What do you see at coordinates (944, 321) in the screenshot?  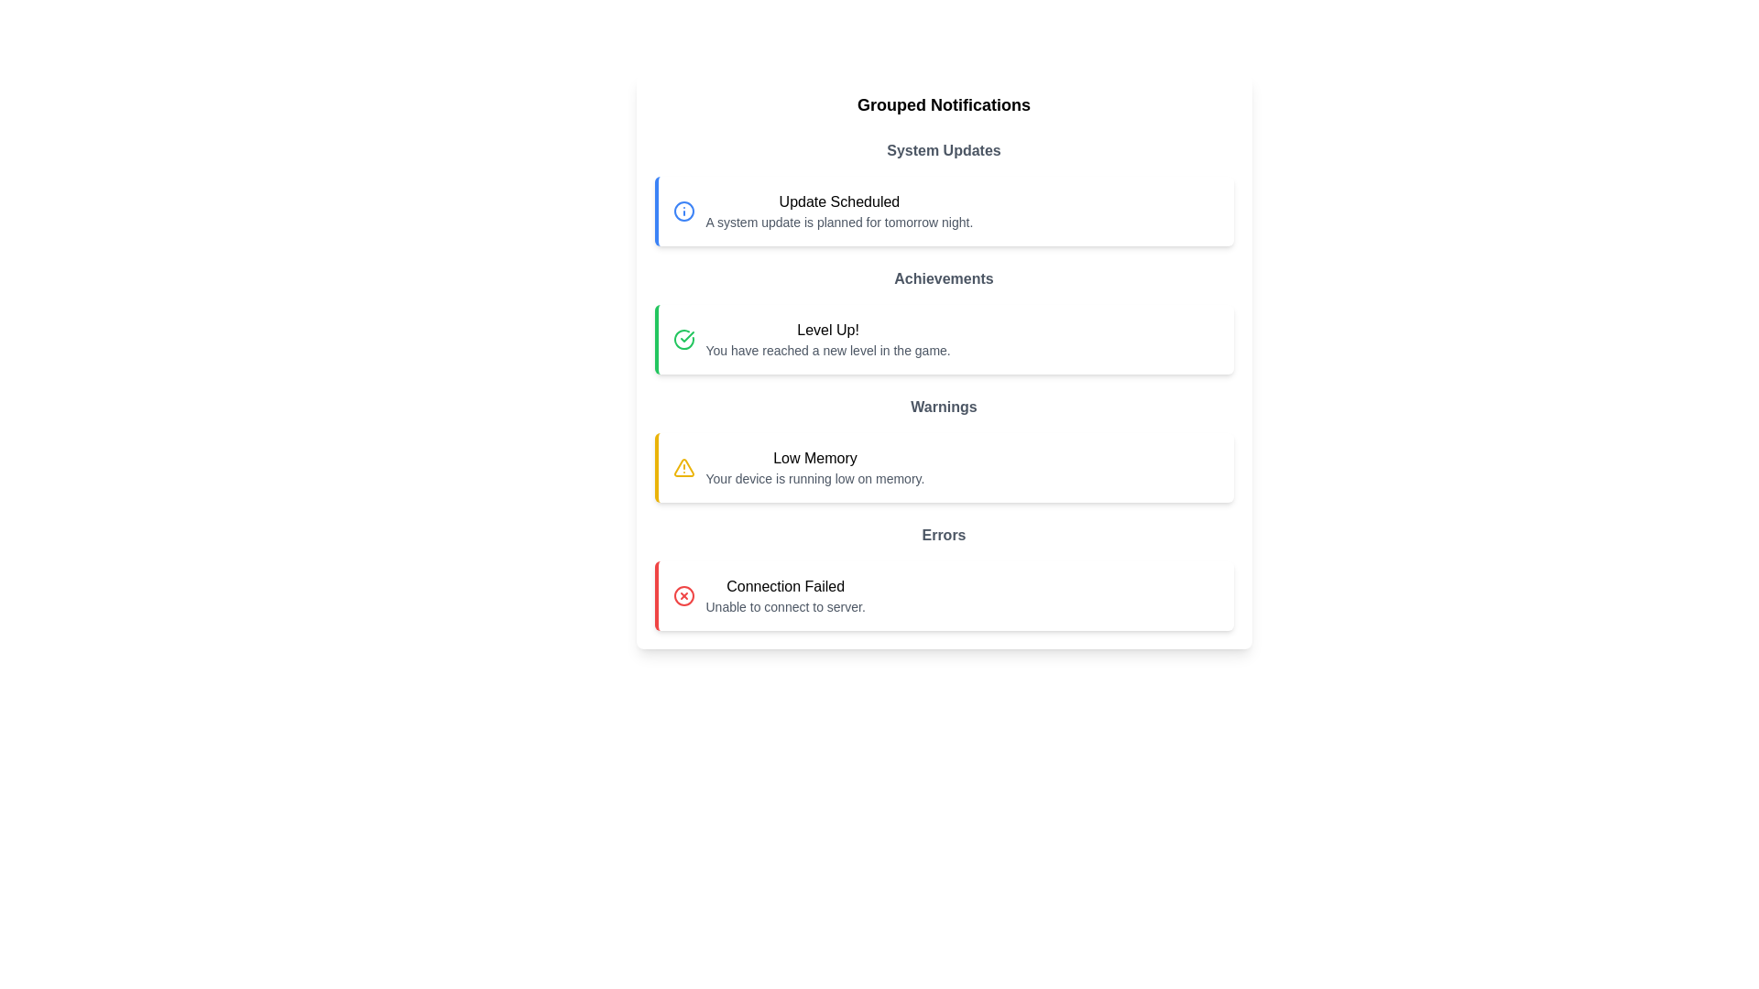 I see `the second Notification Card in the Grouped Notifications section that informs the user of a recent achievement indicating level progression` at bounding box center [944, 321].